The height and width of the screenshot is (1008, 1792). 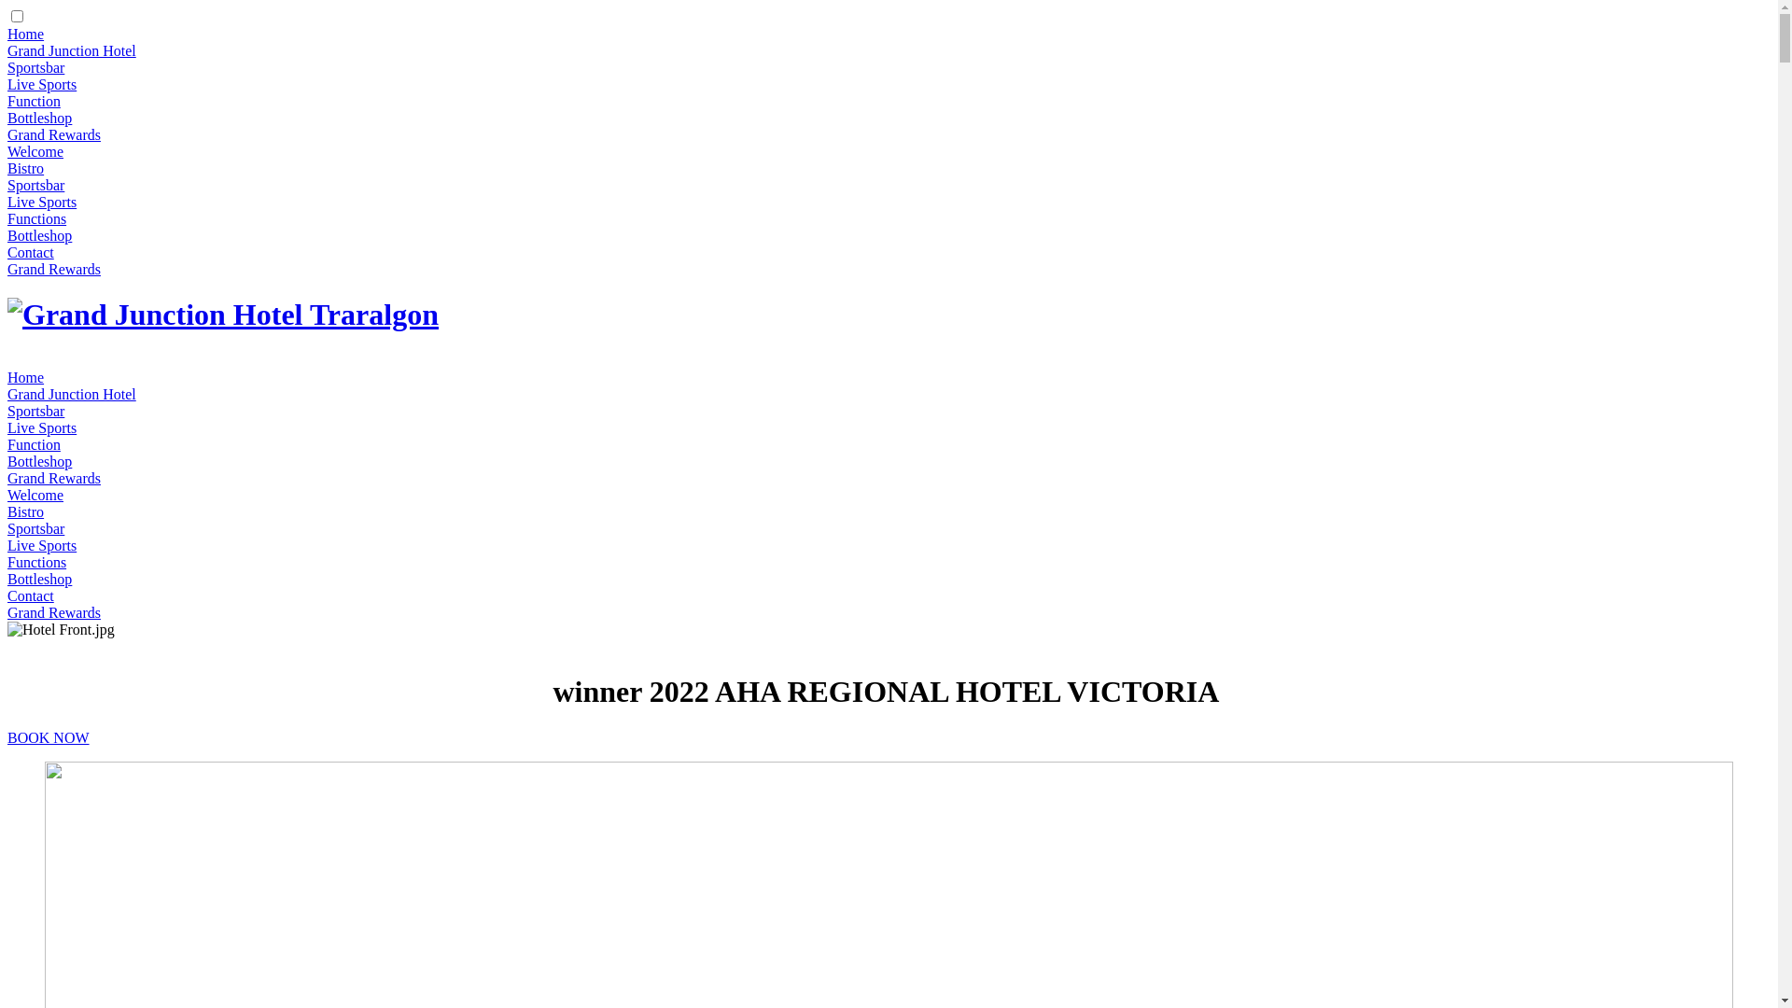 What do you see at coordinates (36, 217) in the screenshot?
I see `'Functions'` at bounding box center [36, 217].